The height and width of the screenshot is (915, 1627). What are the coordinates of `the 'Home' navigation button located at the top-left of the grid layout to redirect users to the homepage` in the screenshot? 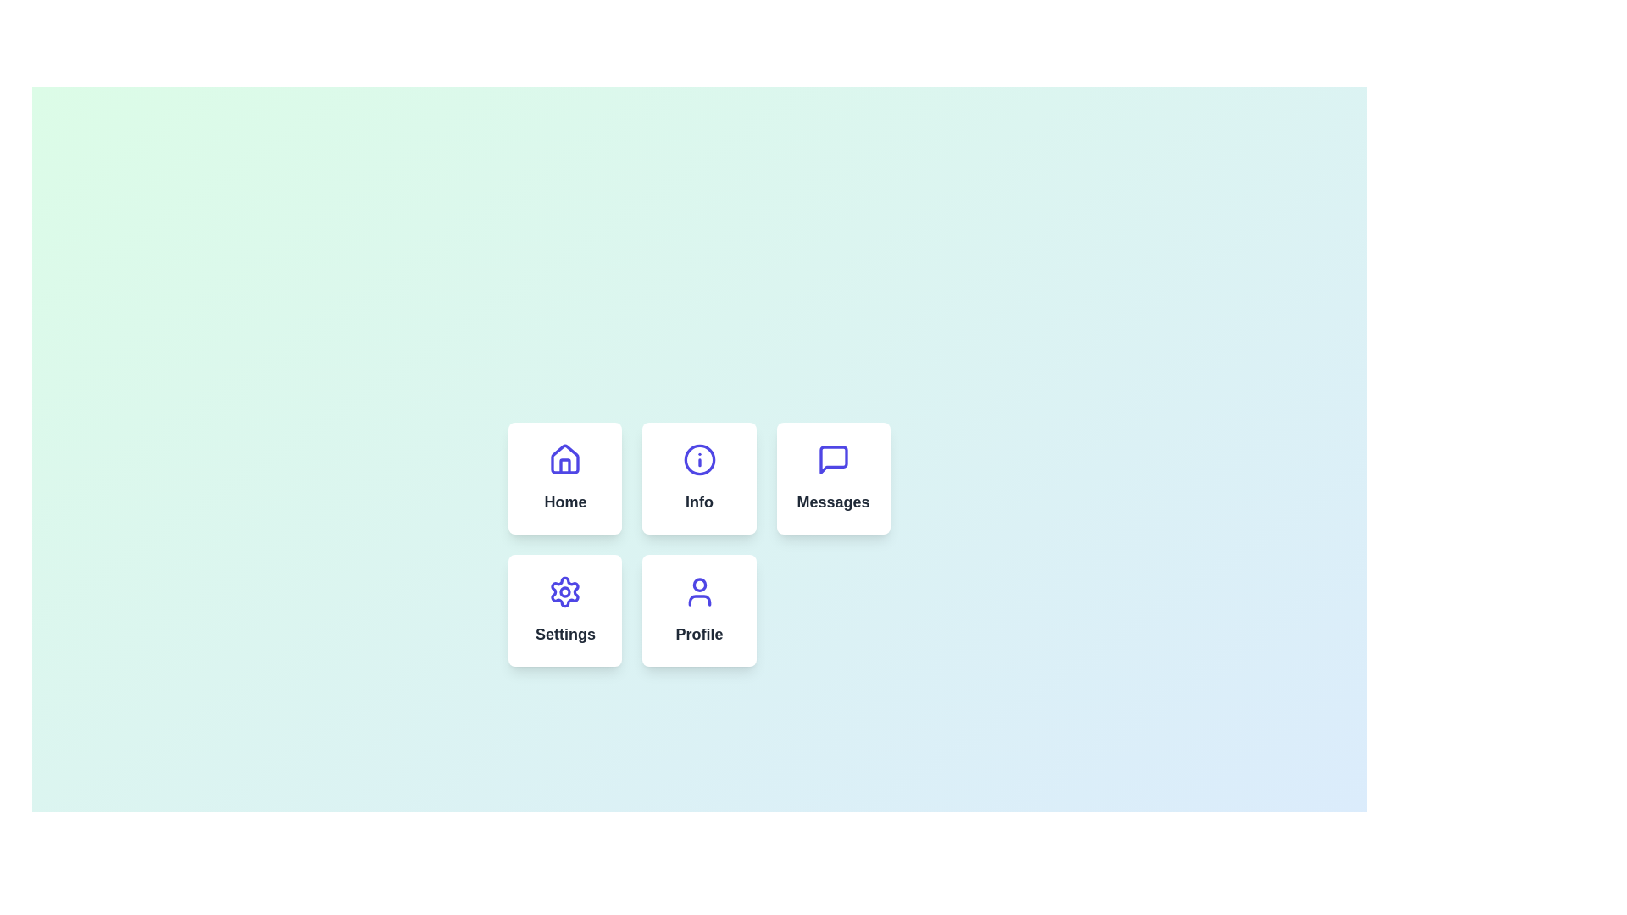 It's located at (565, 478).